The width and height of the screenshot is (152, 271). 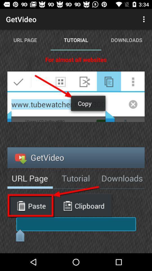 What do you see at coordinates (144, 19) in the screenshot?
I see `the item to the right of the tutorial app` at bounding box center [144, 19].